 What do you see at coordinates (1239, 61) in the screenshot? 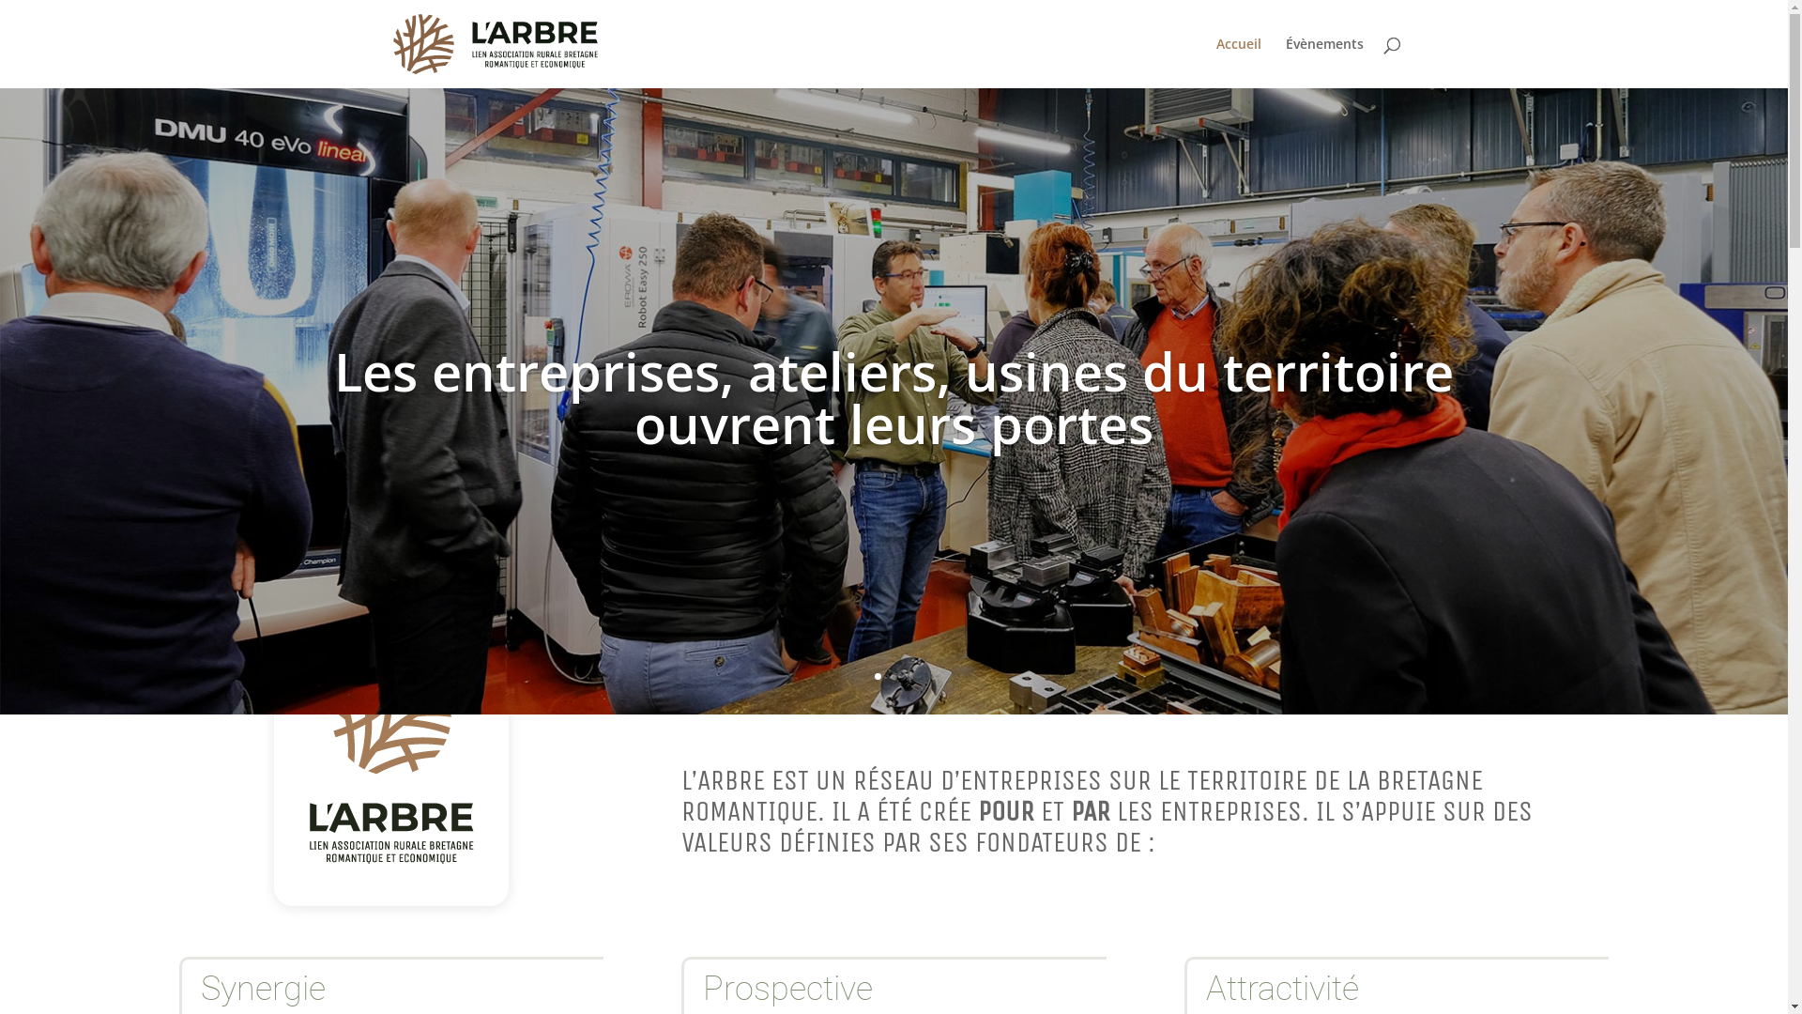
I see `'Accueil'` at bounding box center [1239, 61].